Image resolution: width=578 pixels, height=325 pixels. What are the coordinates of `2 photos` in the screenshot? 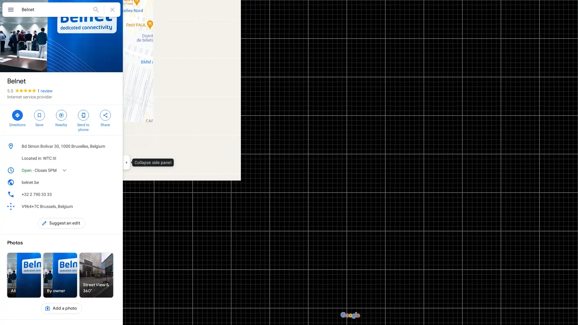 It's located at (20, 62).